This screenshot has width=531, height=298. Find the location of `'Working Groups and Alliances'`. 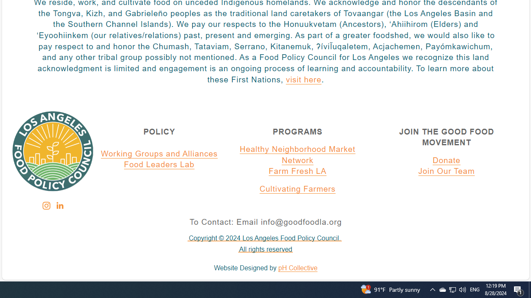

'Working Groups and Alliances' is located at coordinates (159, 154).